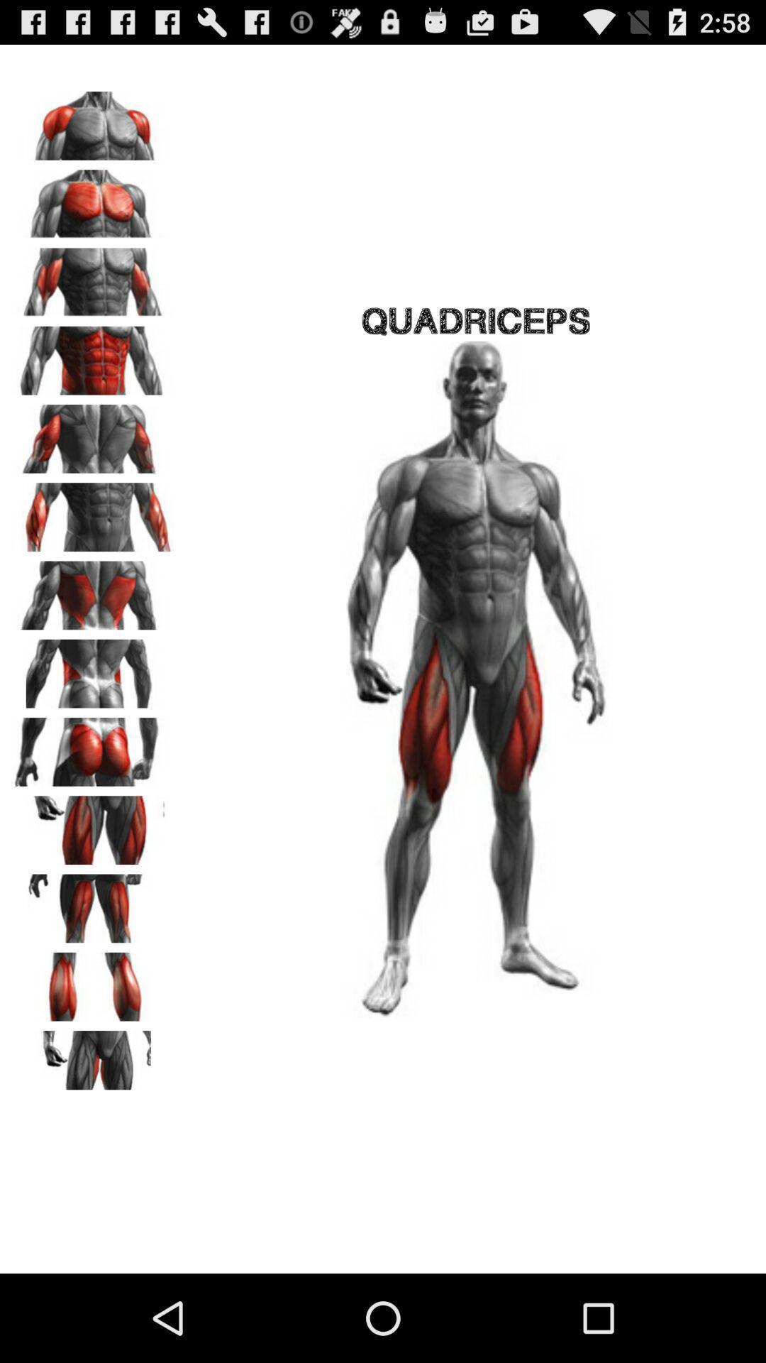 This screenshot has width=766, height=1363. What do you see at coordinates (93, 825) in the screenshot?
I see `quadriceps selection` at bounding box center [93, 825].